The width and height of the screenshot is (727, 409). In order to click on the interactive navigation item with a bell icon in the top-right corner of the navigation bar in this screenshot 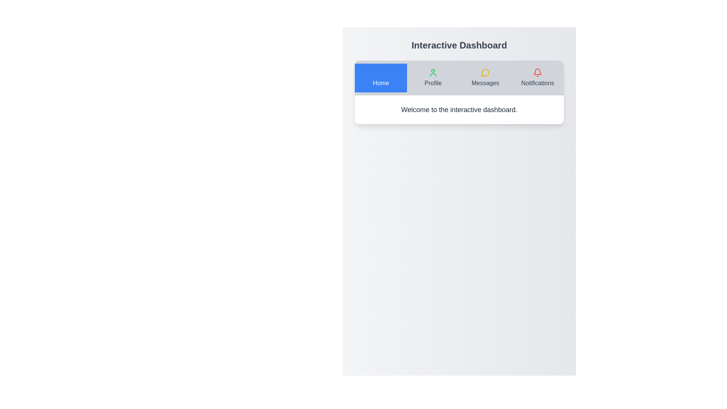, I will do `click(537, 78)`.